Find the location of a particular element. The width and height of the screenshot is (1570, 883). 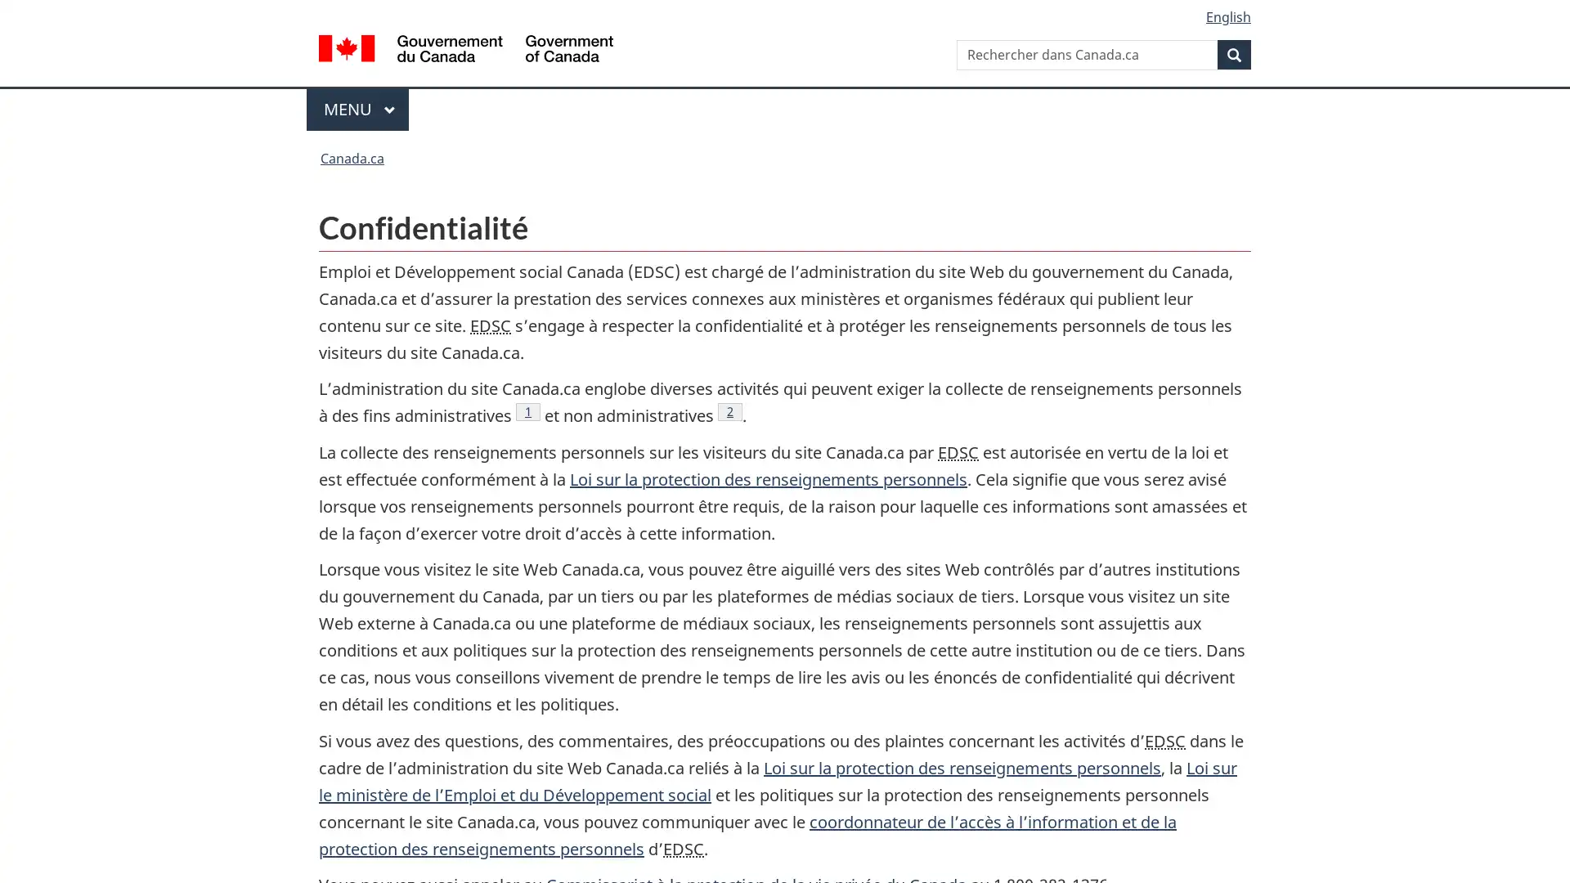

Recherche is located at coordinates (1234, 53).